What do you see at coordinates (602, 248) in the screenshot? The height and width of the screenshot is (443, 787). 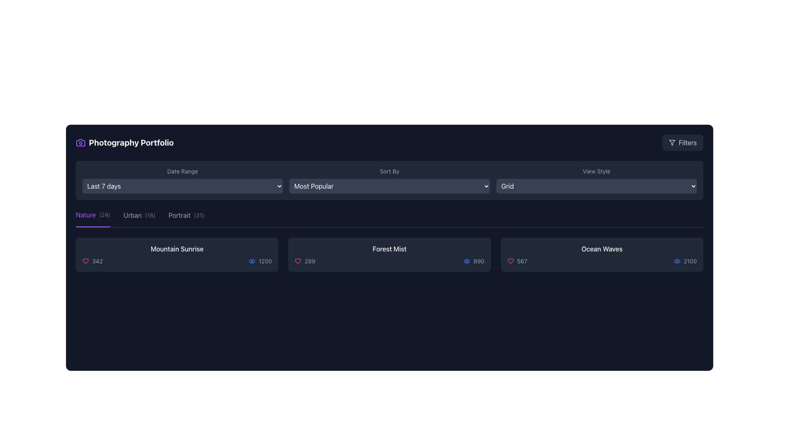 I see `text from the label displaying 'Ocean Waves' located at the center of the last card in a group of three cards on a dark background` at bounding box center [602, 248].